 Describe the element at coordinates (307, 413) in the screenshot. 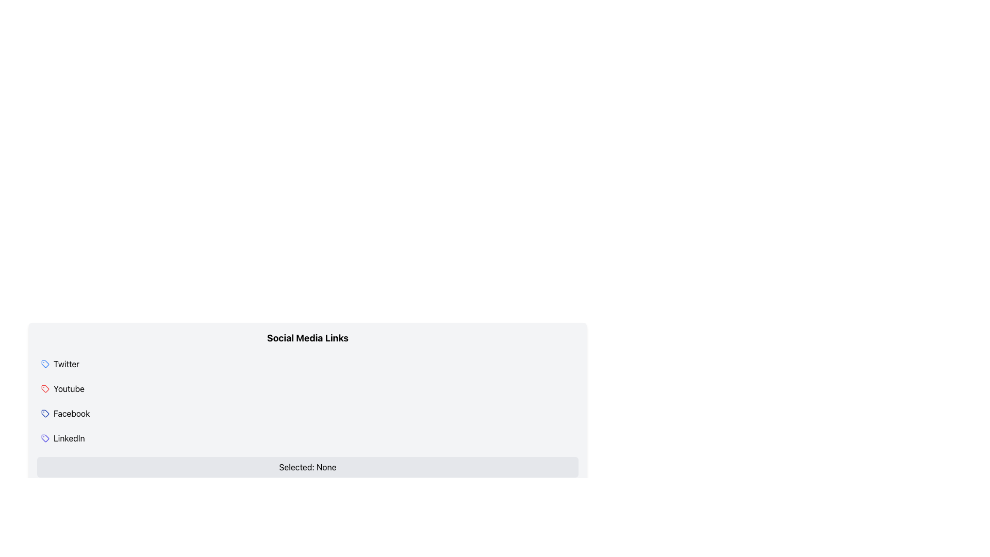

I see `the third item in the vertical list titled 'Social Media Links', which serves as a clickable link for Facebook, to provide visual feedback` at that location.